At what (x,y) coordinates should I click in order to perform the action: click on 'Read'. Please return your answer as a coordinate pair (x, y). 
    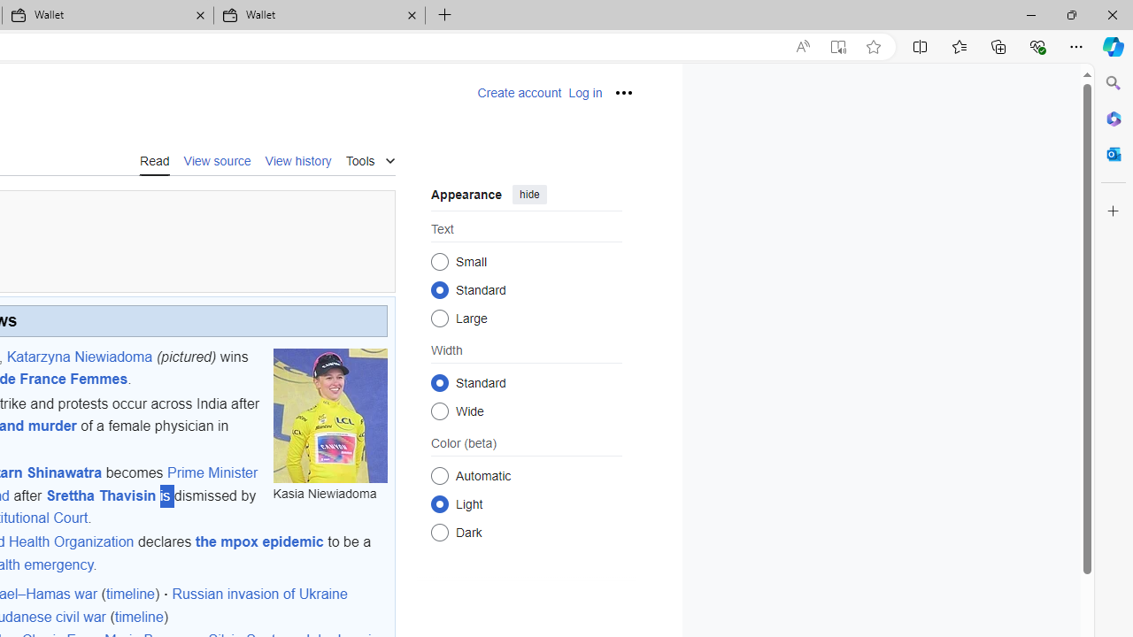
    Looking at the image, I should click on (154, 160).